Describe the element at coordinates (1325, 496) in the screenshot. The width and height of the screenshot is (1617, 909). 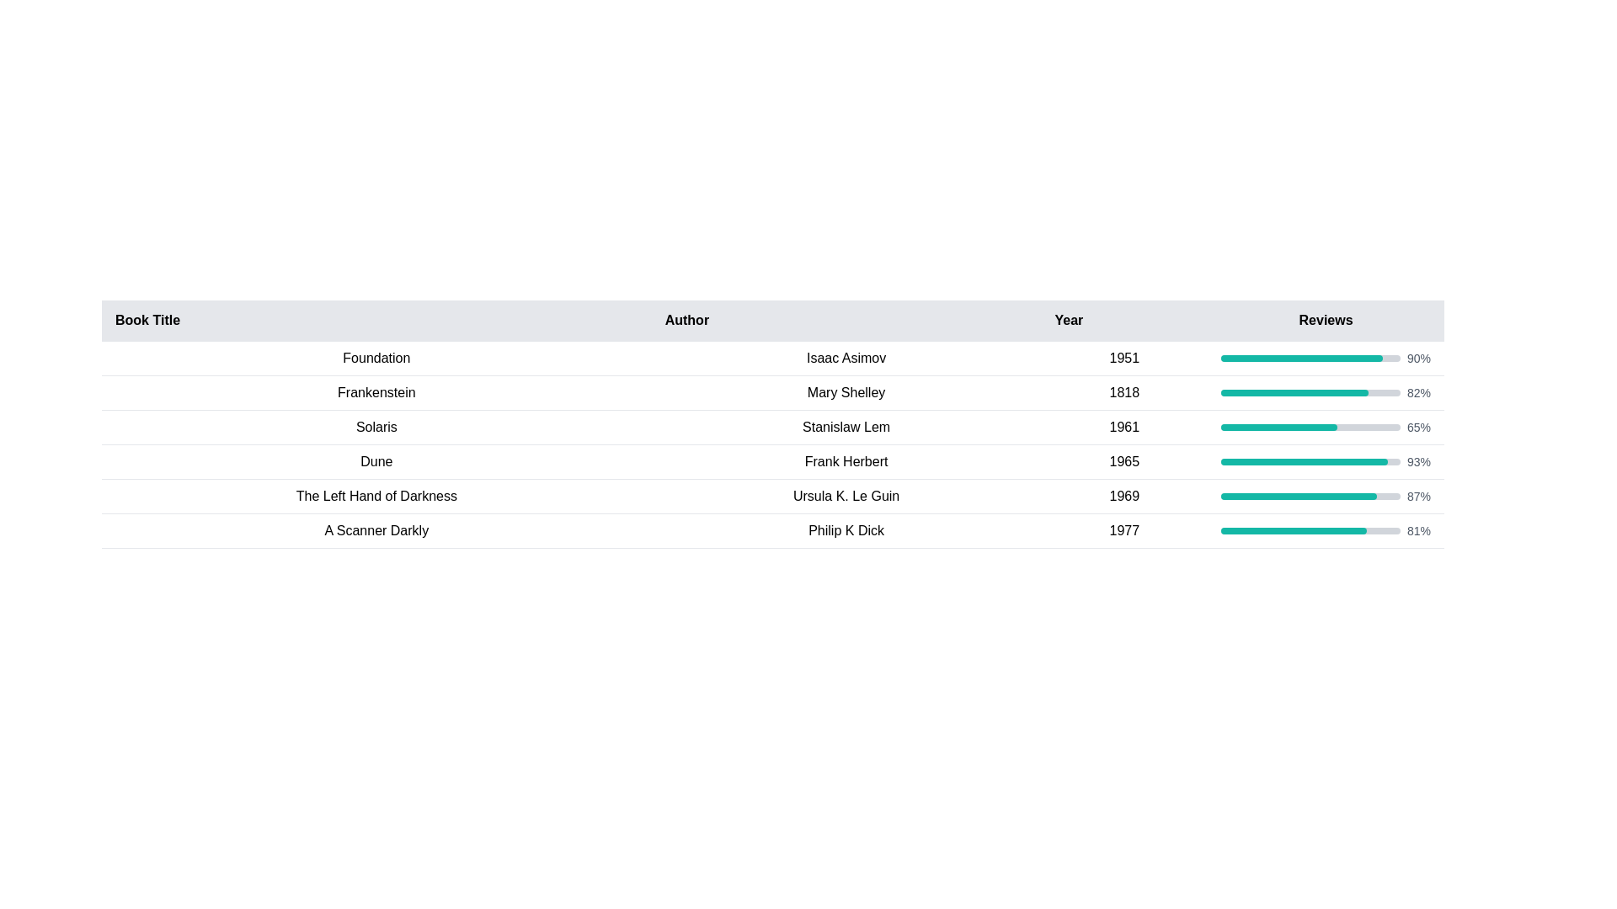
I see `the progress bar indicating the review completion status for 'The Left Hand of Darkness' by Ursula K. Le Guin in the fourth row of the table` at that location.